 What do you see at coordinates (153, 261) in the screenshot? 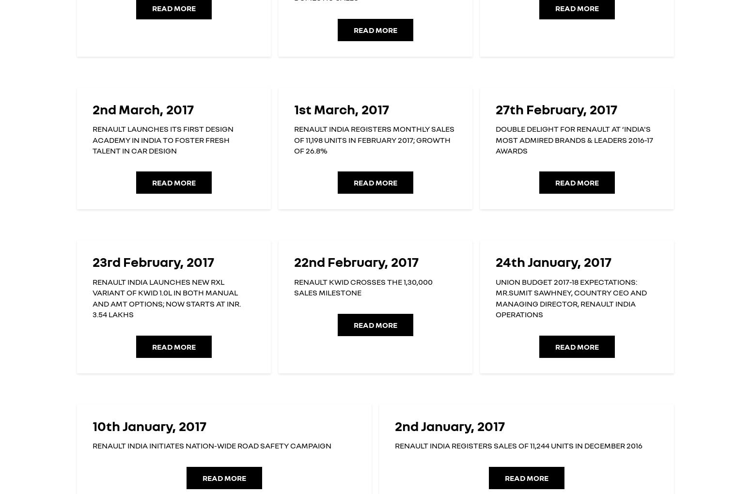
I see `'23rd February, 2017'` at bounding box center [153, 261].